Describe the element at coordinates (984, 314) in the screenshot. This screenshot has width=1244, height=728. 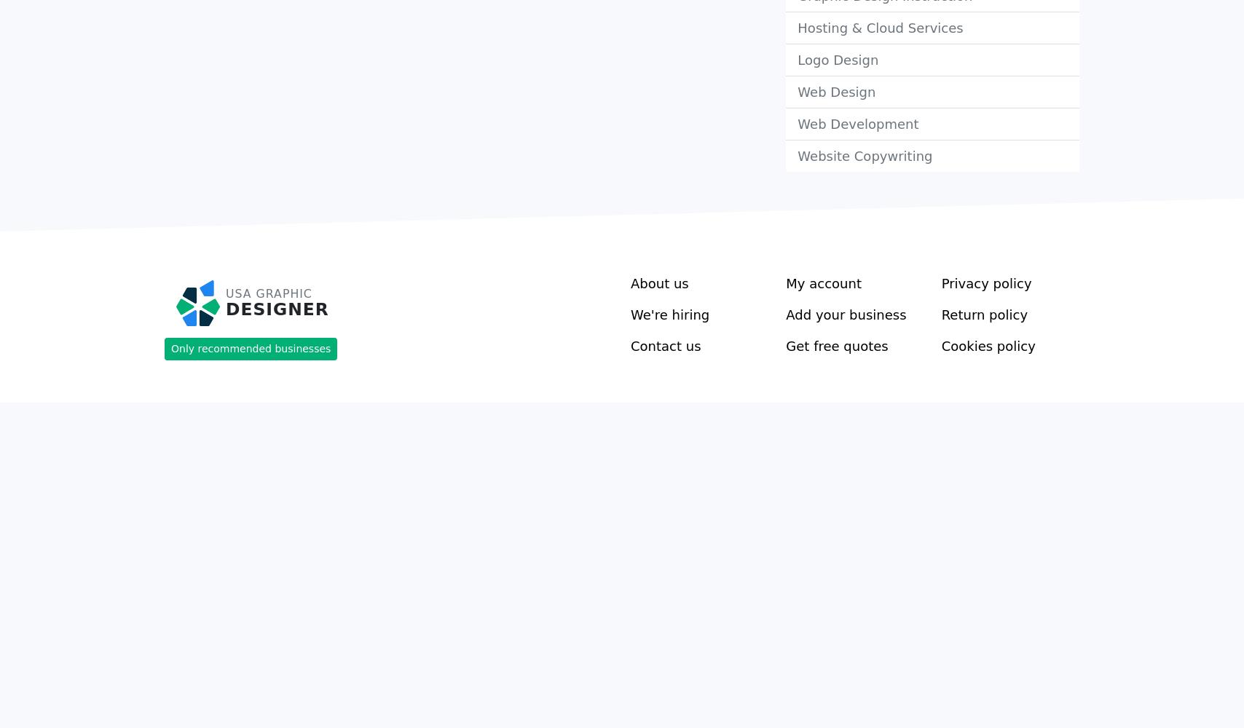
I see `'Return policy'` at that location.